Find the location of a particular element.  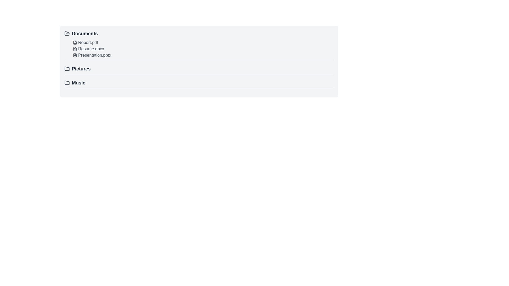

the Music folder icon located to the left of the label 'Music' is located at coordinates (67, 83).